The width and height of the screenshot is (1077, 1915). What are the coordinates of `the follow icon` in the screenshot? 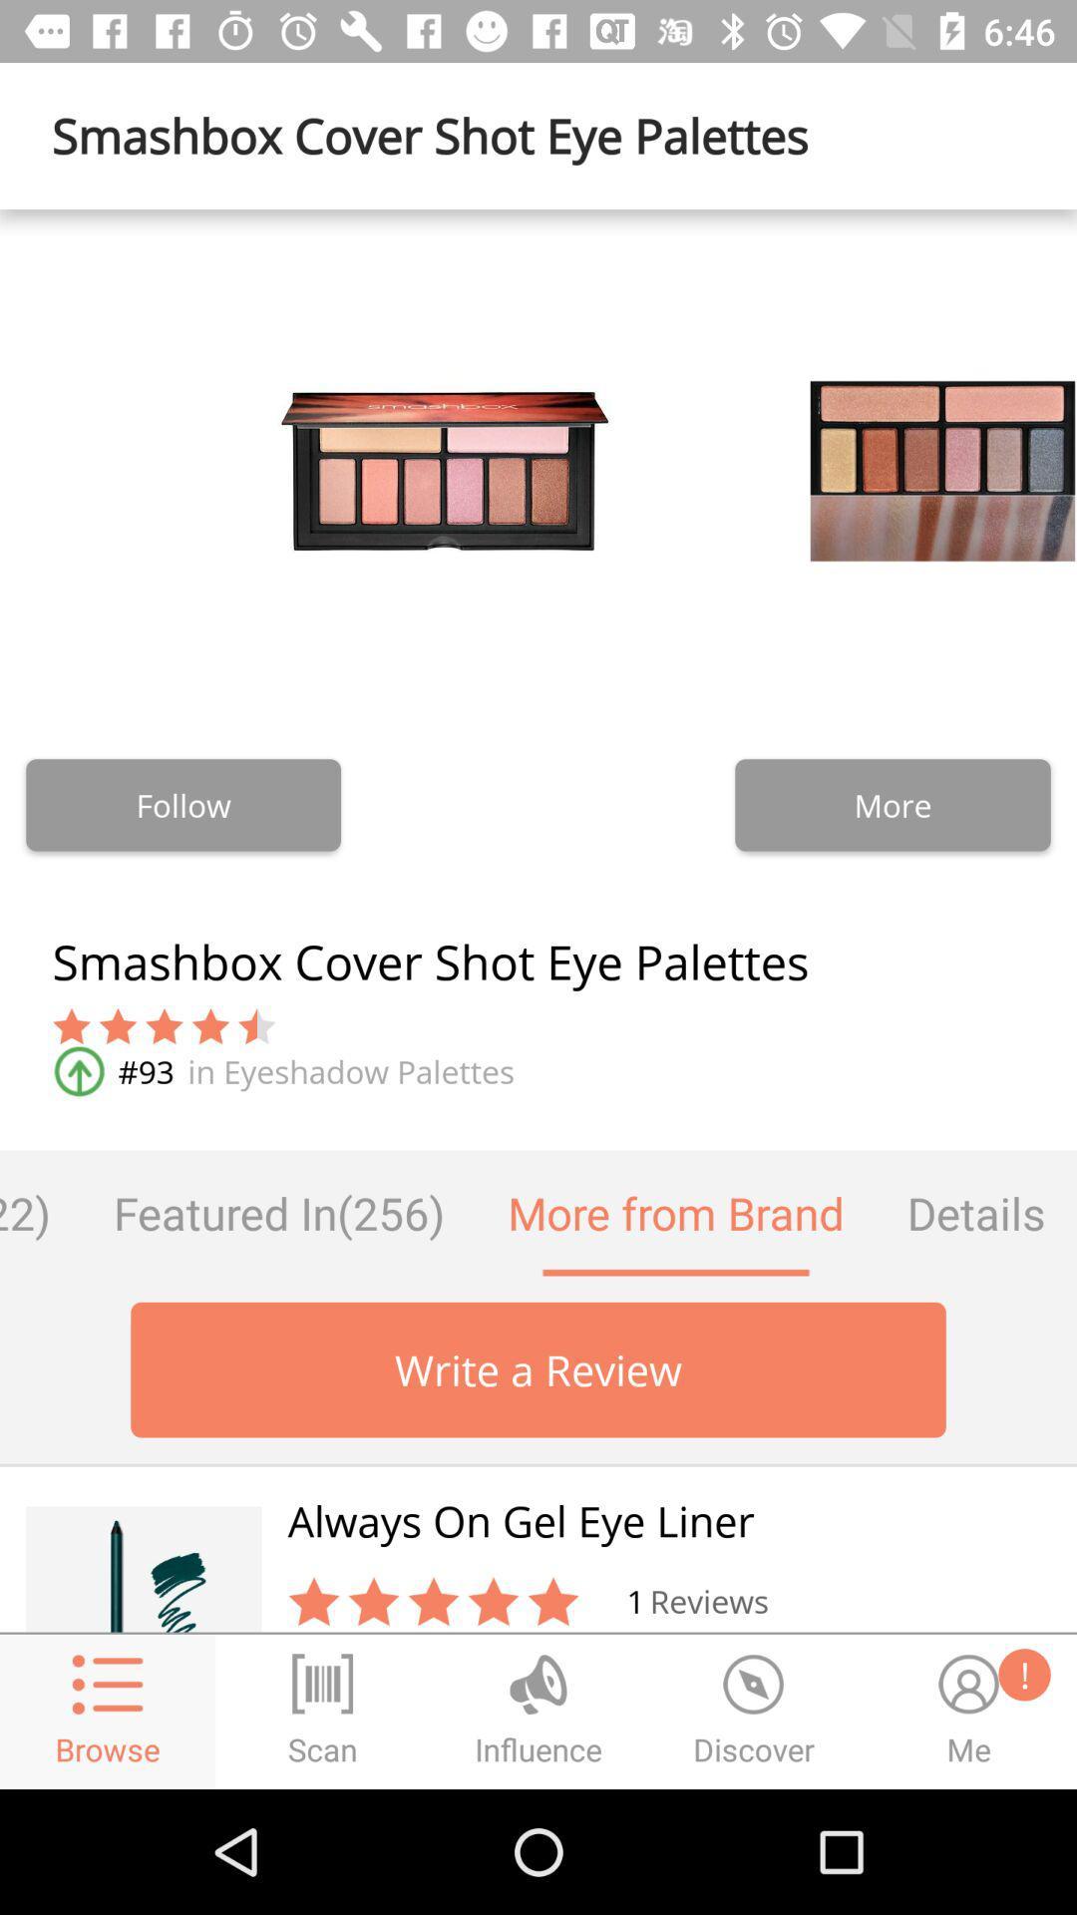 It's located at (183, 805).